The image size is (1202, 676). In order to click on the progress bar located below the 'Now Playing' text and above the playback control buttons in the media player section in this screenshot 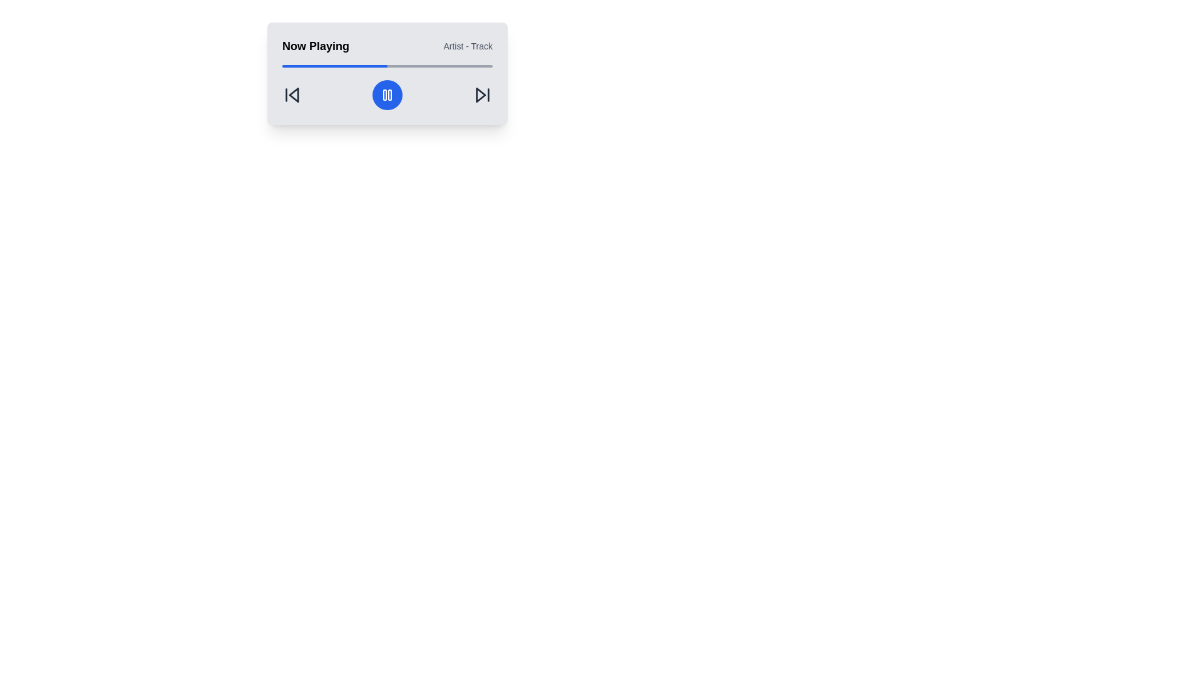, I will do `click(387, 66)`.